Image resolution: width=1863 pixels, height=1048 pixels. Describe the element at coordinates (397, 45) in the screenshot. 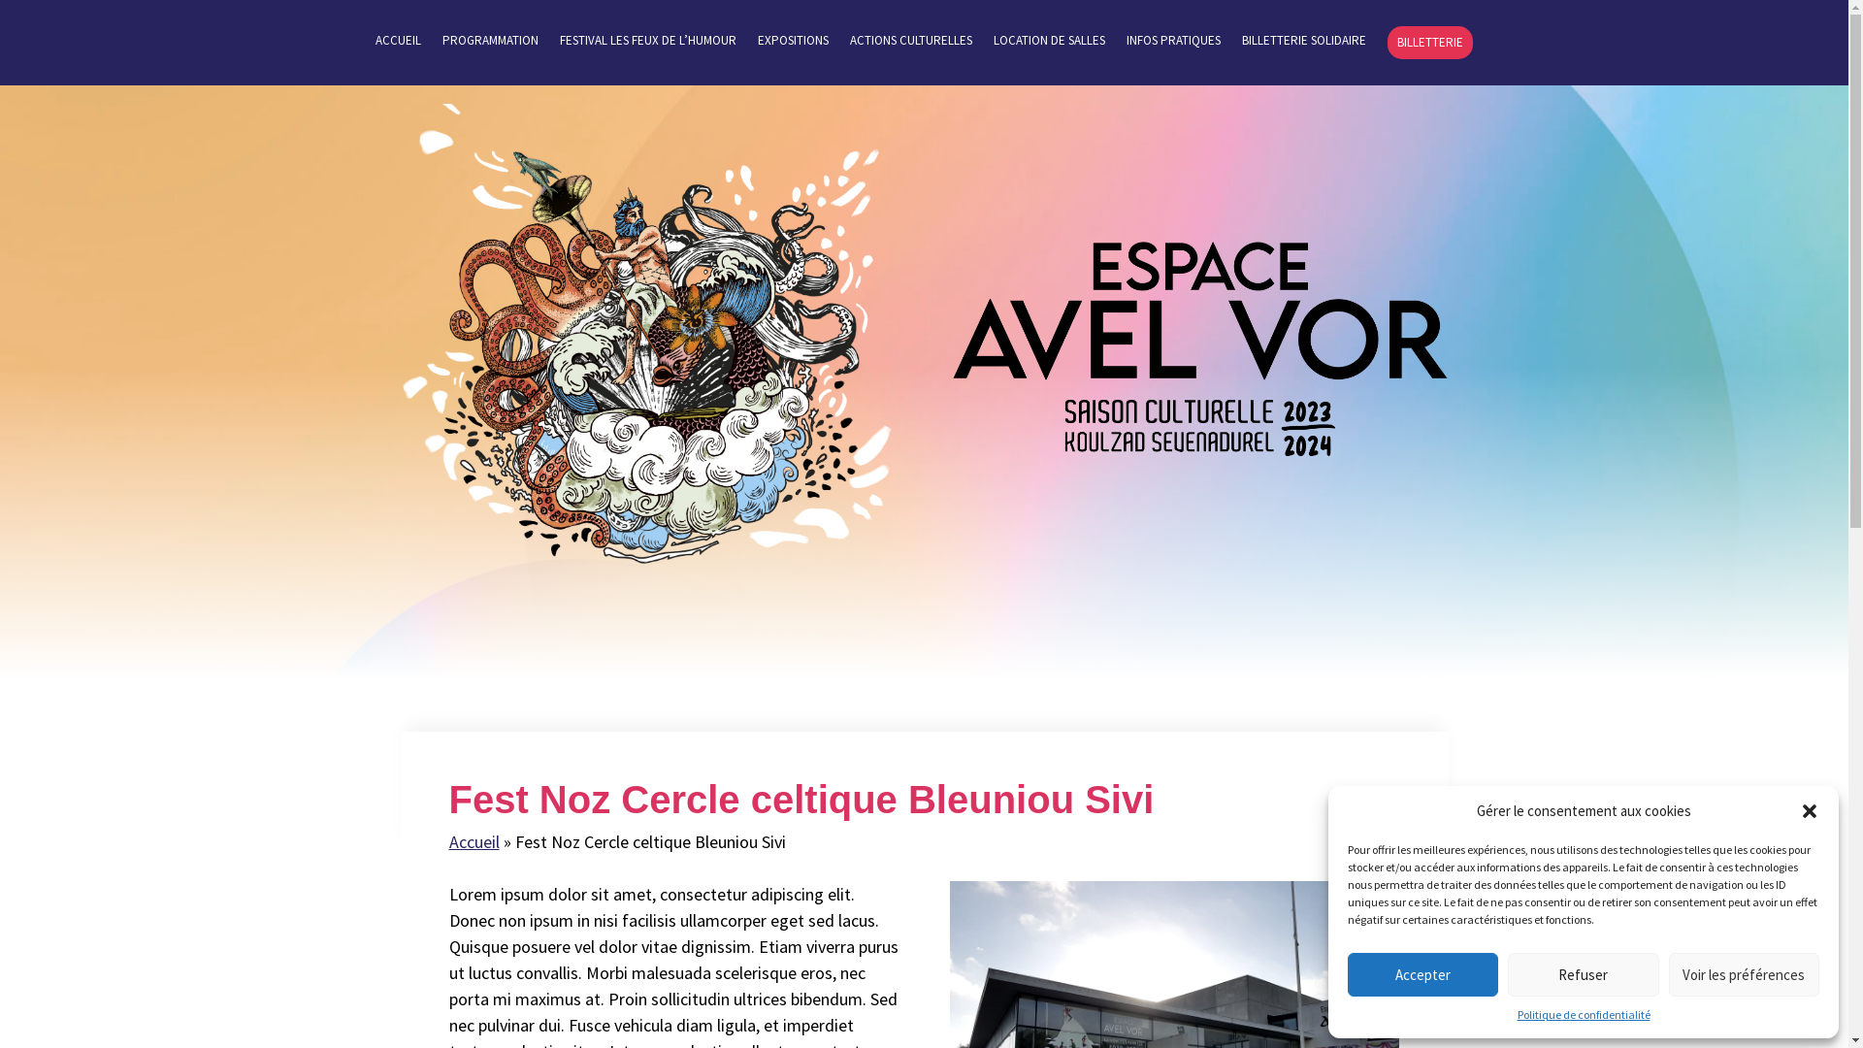

I see `'ACCUEIL'` at that location.